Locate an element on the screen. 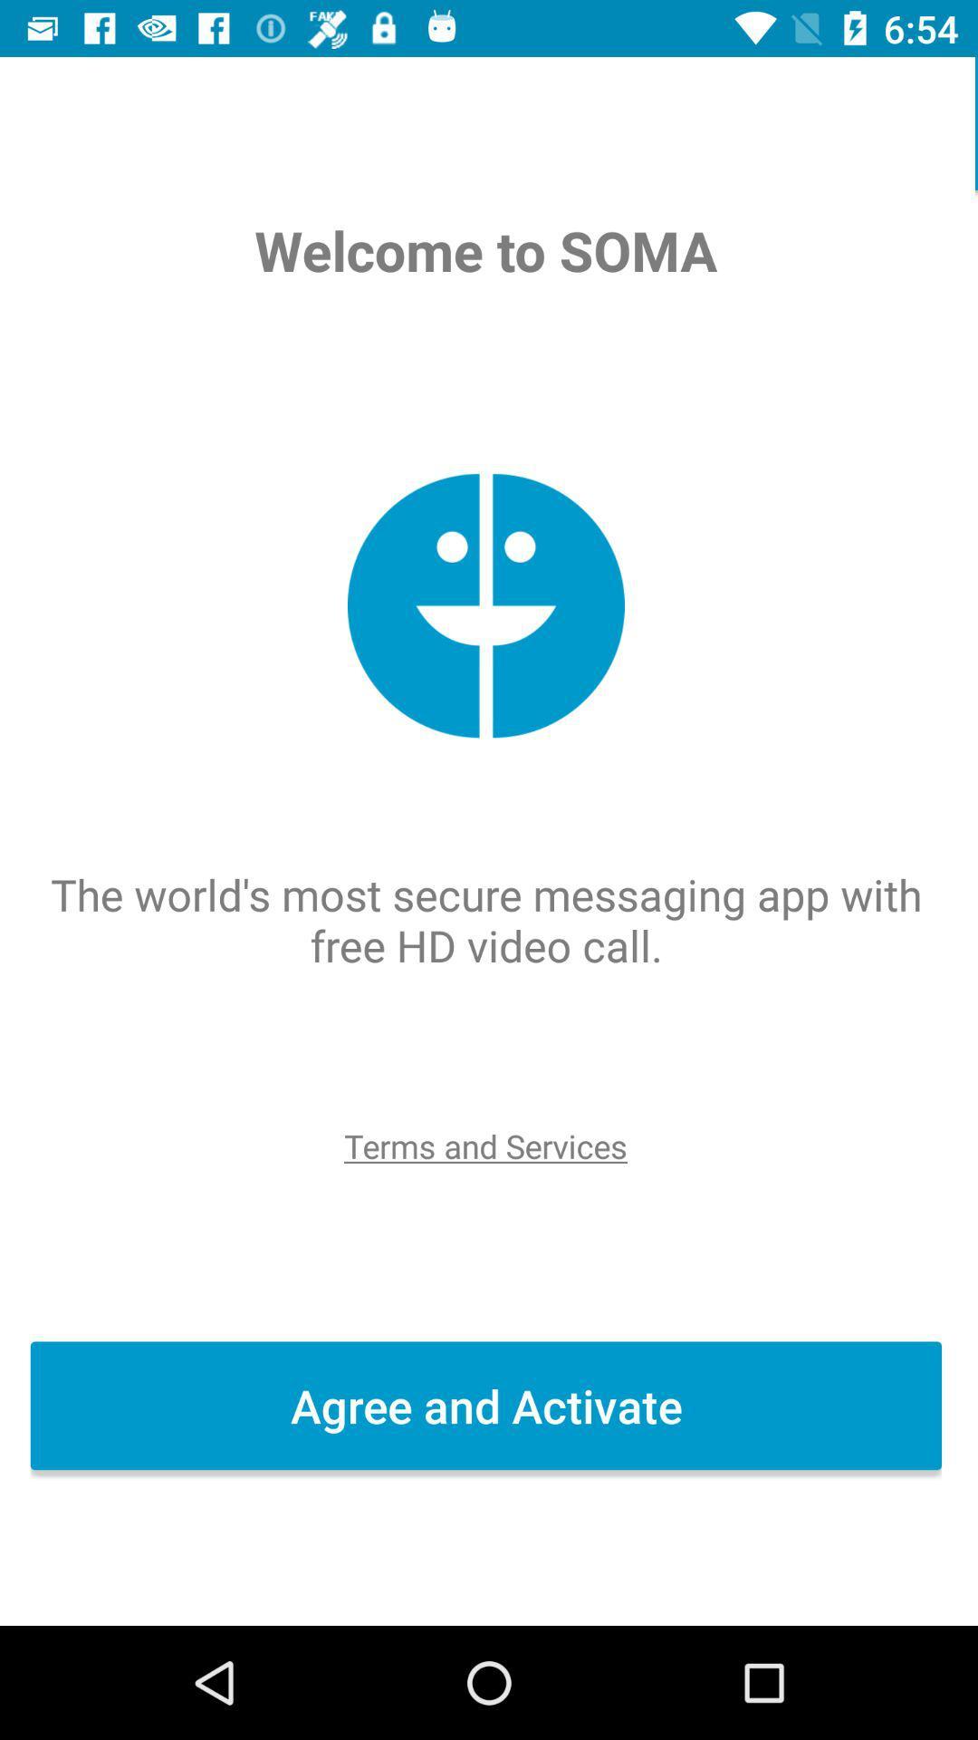 The width and height of the screenshot is (978, 1740). agree and activate icon is located at coordinates (489, 1405).